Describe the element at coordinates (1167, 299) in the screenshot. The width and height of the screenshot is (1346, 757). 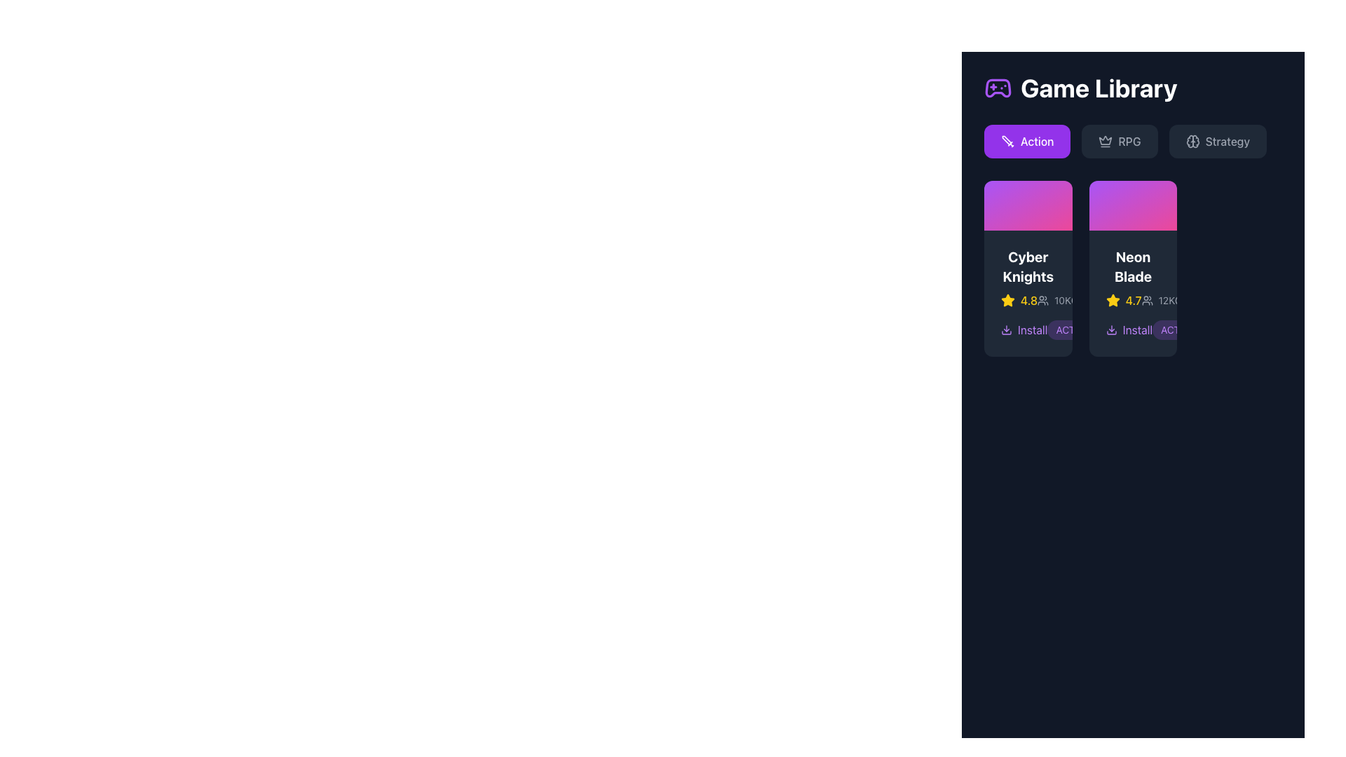
I see `the Text Label displaying '12K' in light gray color, which is positioned to the right of a user icon within a flex layout` at that location.